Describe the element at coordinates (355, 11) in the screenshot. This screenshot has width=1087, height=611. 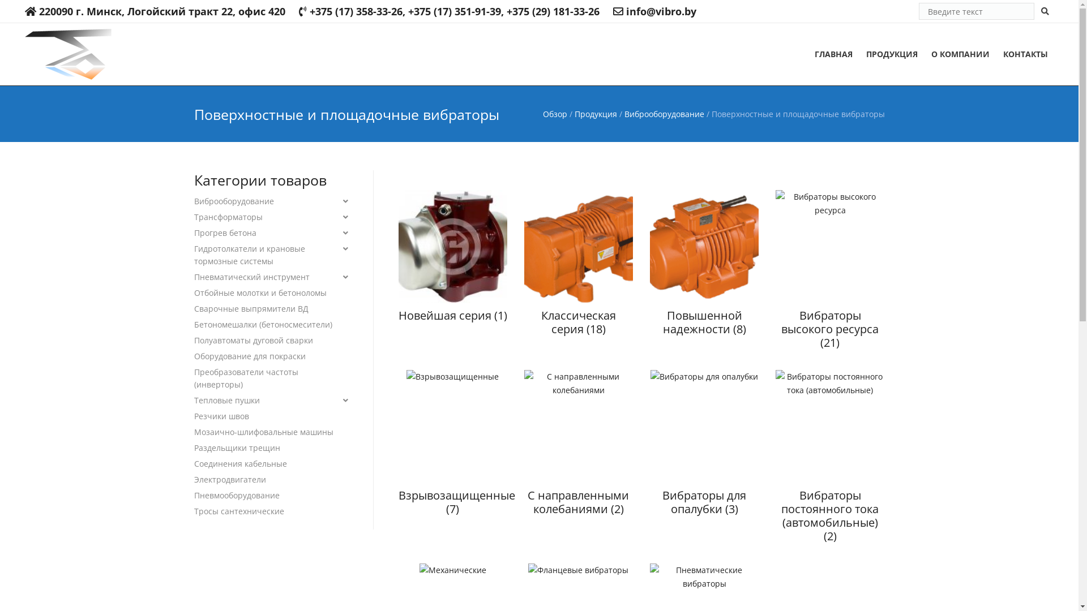
I see `'+375 (17) 358-33-26'` at that location.